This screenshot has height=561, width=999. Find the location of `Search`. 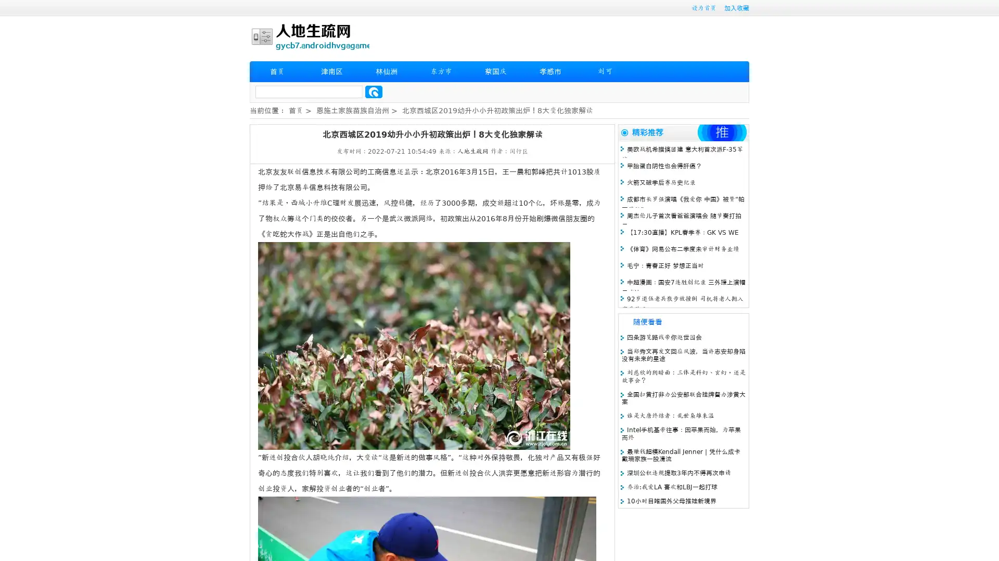

Search is located at coordinates (374, 91).